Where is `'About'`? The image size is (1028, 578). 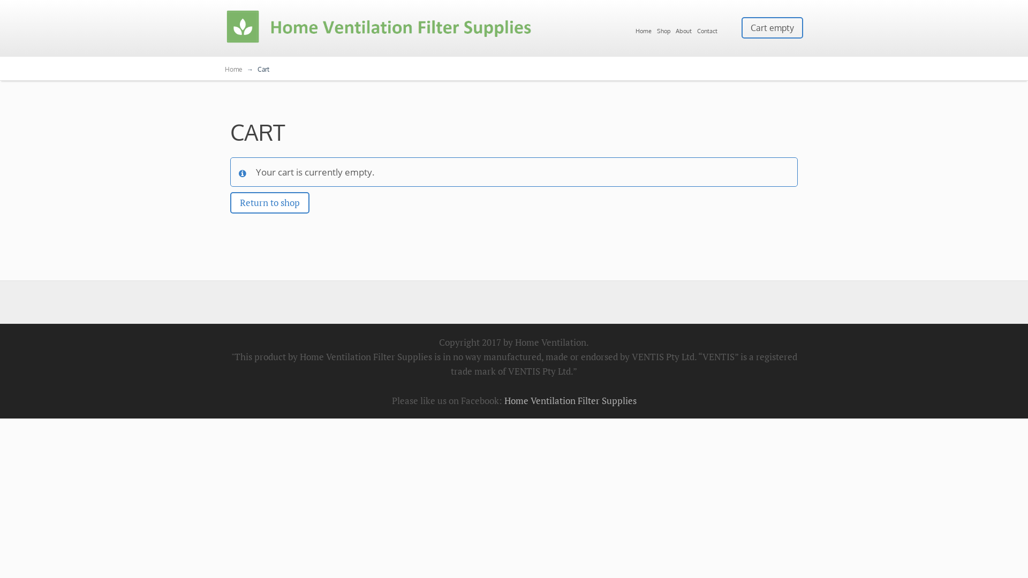 'About' is located at coordinates (686, 28).